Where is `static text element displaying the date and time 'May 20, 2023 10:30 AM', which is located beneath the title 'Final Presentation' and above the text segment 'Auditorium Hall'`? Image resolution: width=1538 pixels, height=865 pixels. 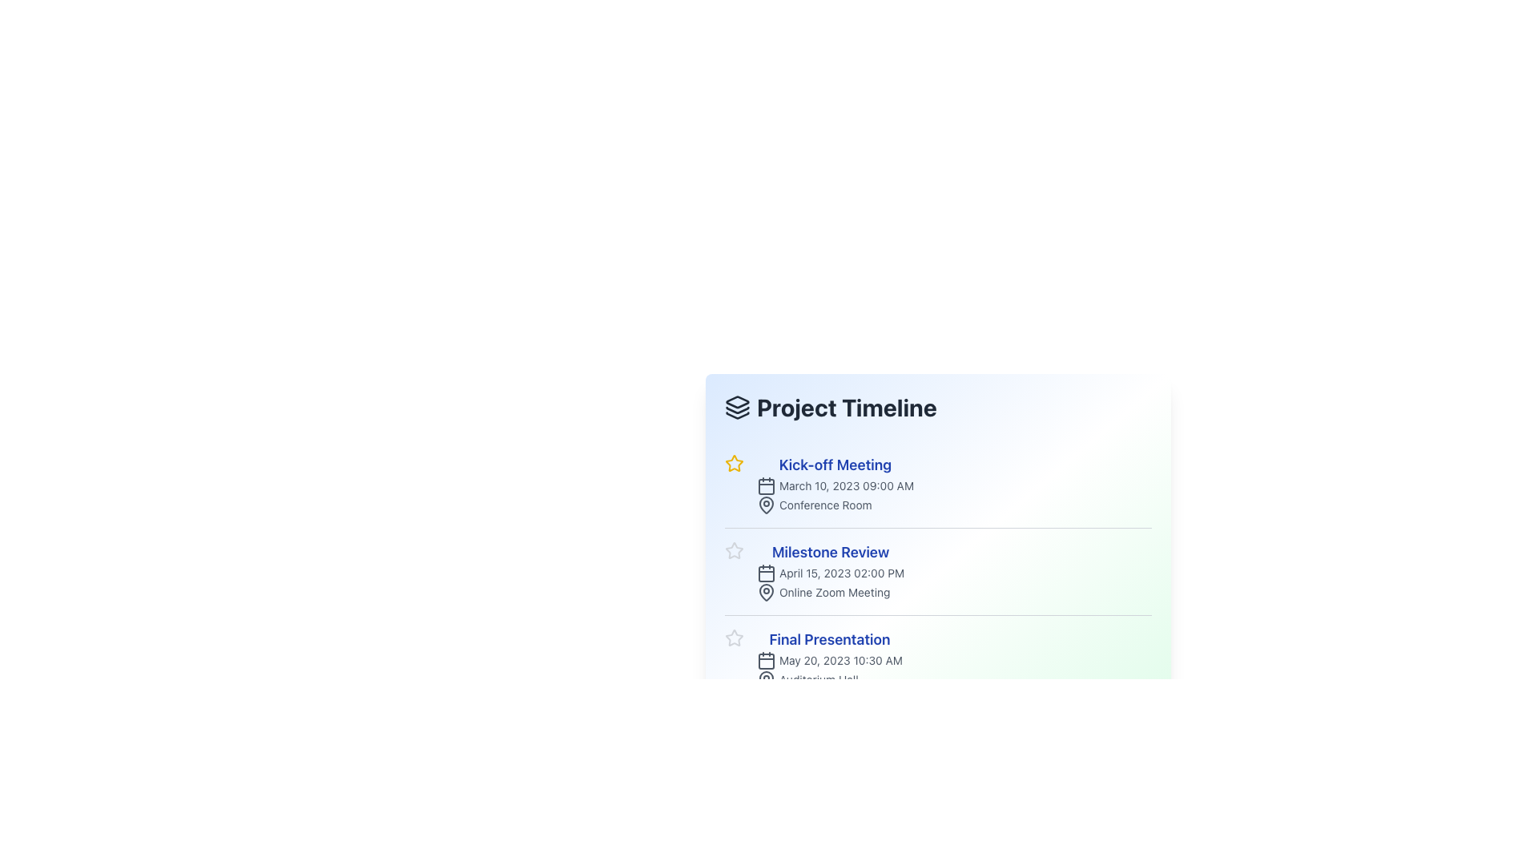
static text element displaying the date and time 'May 20, 2023 10:30 AM', which is located beneath the title 'Final Presentation' and above the text segment 'Auditorium Hall' is located at coordinates (830, 661).